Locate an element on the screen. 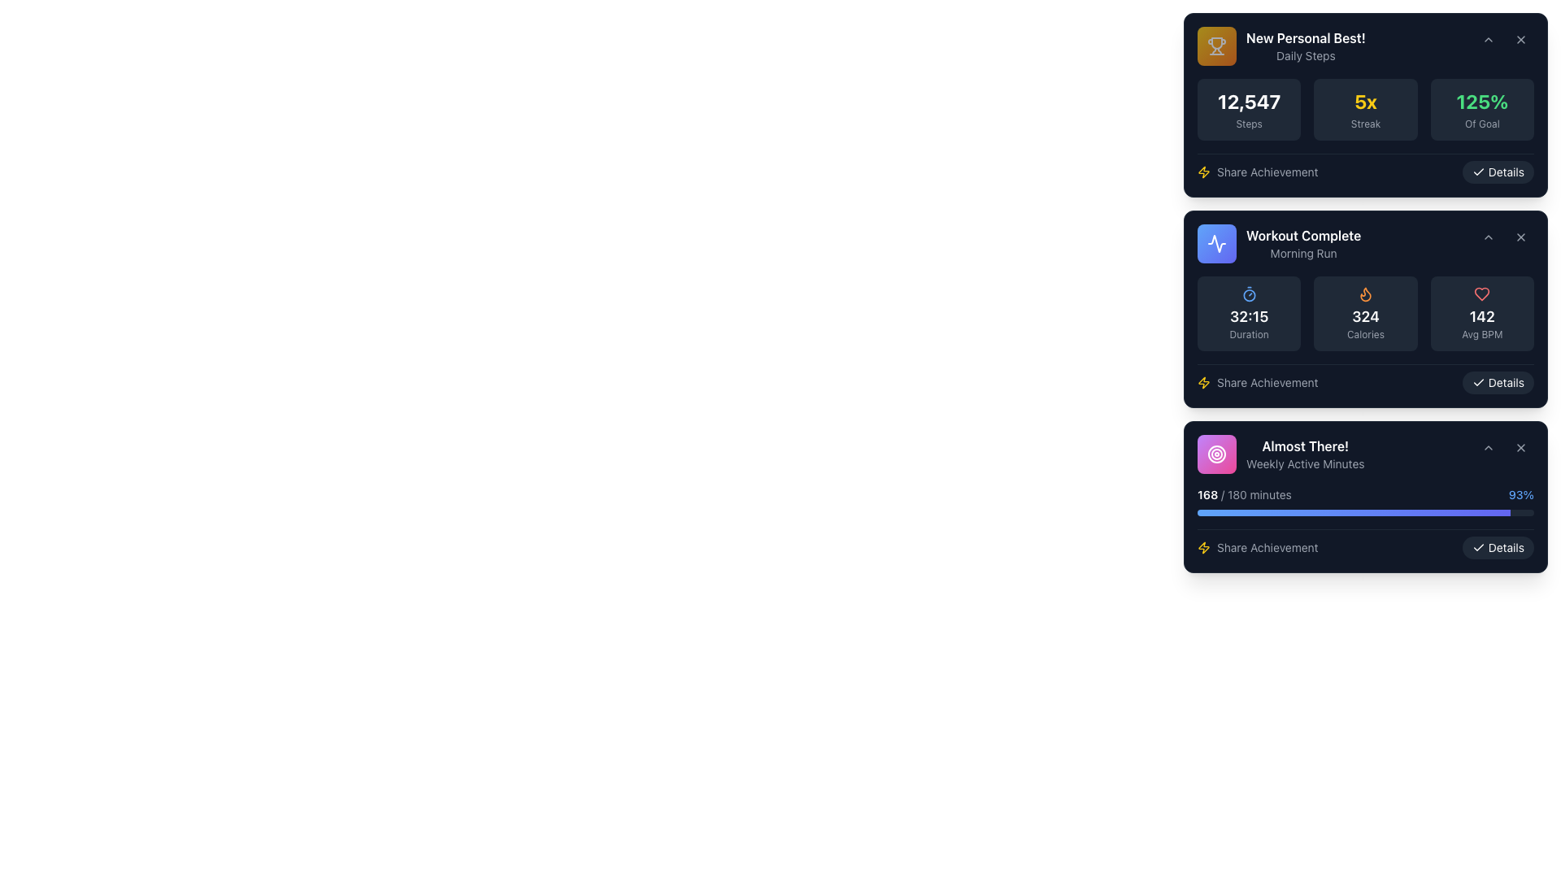  the Informational Card displaying a red heart icon at the top, with the large number '142' and the text 'Avg BPM' below it, which is the third card from the left in a row of three cards is located at coordinates (1482, 313).